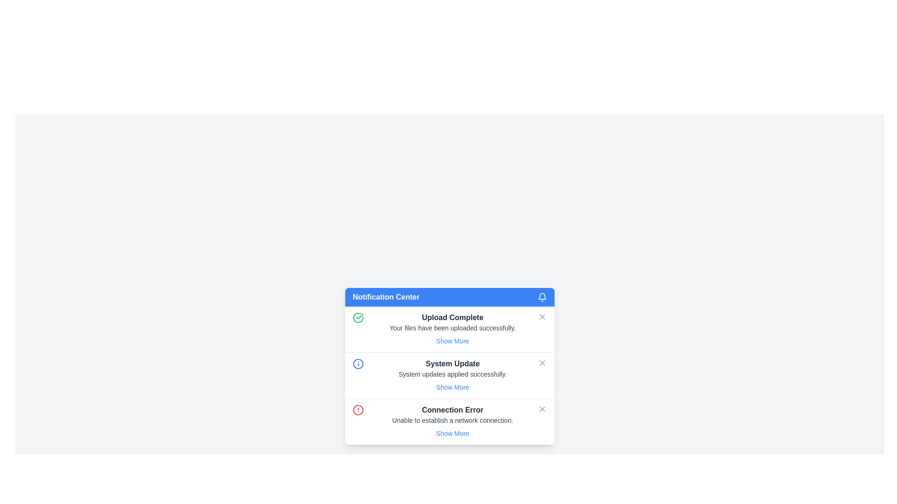  Describe the element at coordinates (453, 363) in the screenshot. I see `the bold text 'System Update' in dark gray color, which is the main title of the second notification entry in the middle section of the notification panel` at that location.